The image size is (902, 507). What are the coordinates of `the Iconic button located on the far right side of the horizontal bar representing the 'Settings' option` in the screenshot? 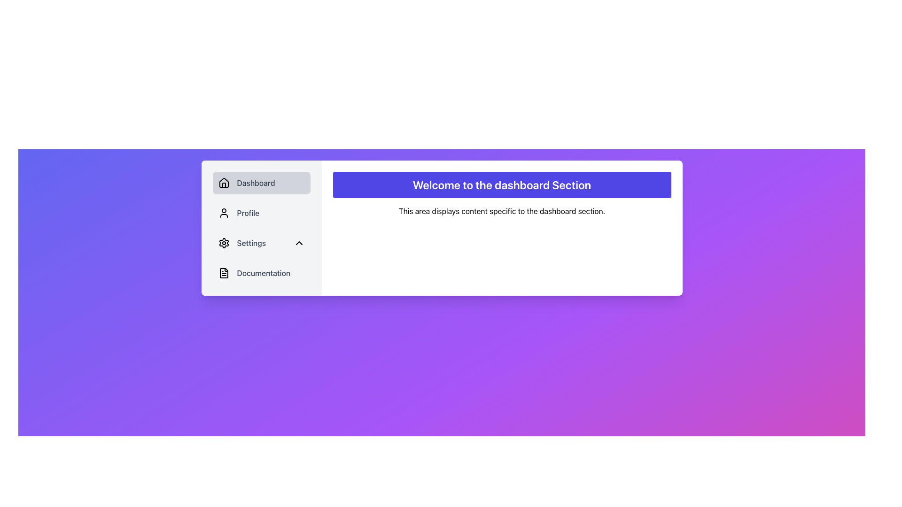 It's located at (298, 242).